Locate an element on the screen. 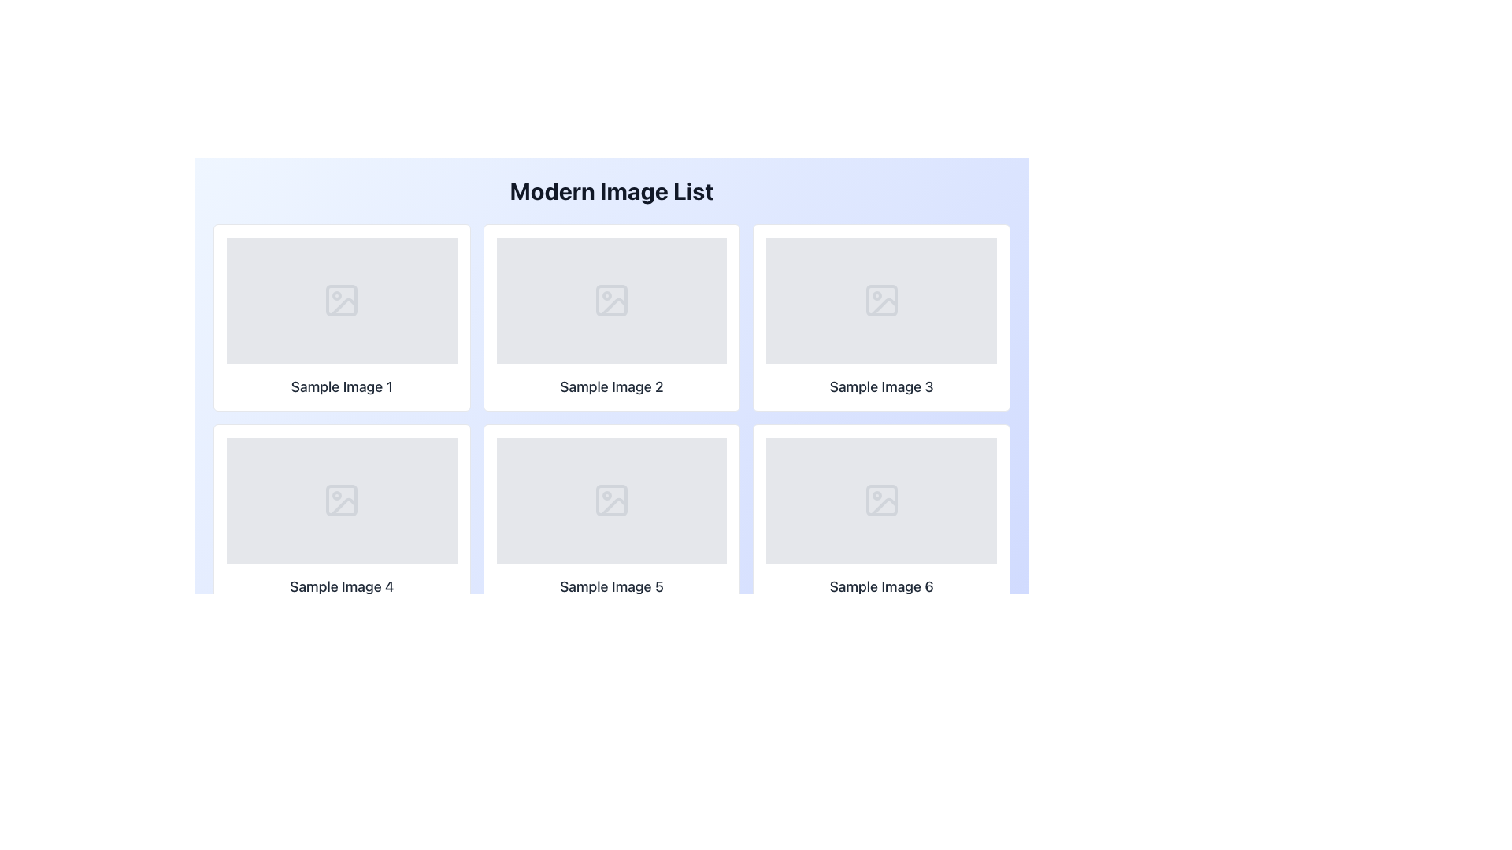 This screenshot has height=850, width=1512. the static text label displaying 'Sample Image 4', which is styled with a large font size and gray color, located at the bottom of the second row and first column of the grid layout is located at coordinates (341, 586).